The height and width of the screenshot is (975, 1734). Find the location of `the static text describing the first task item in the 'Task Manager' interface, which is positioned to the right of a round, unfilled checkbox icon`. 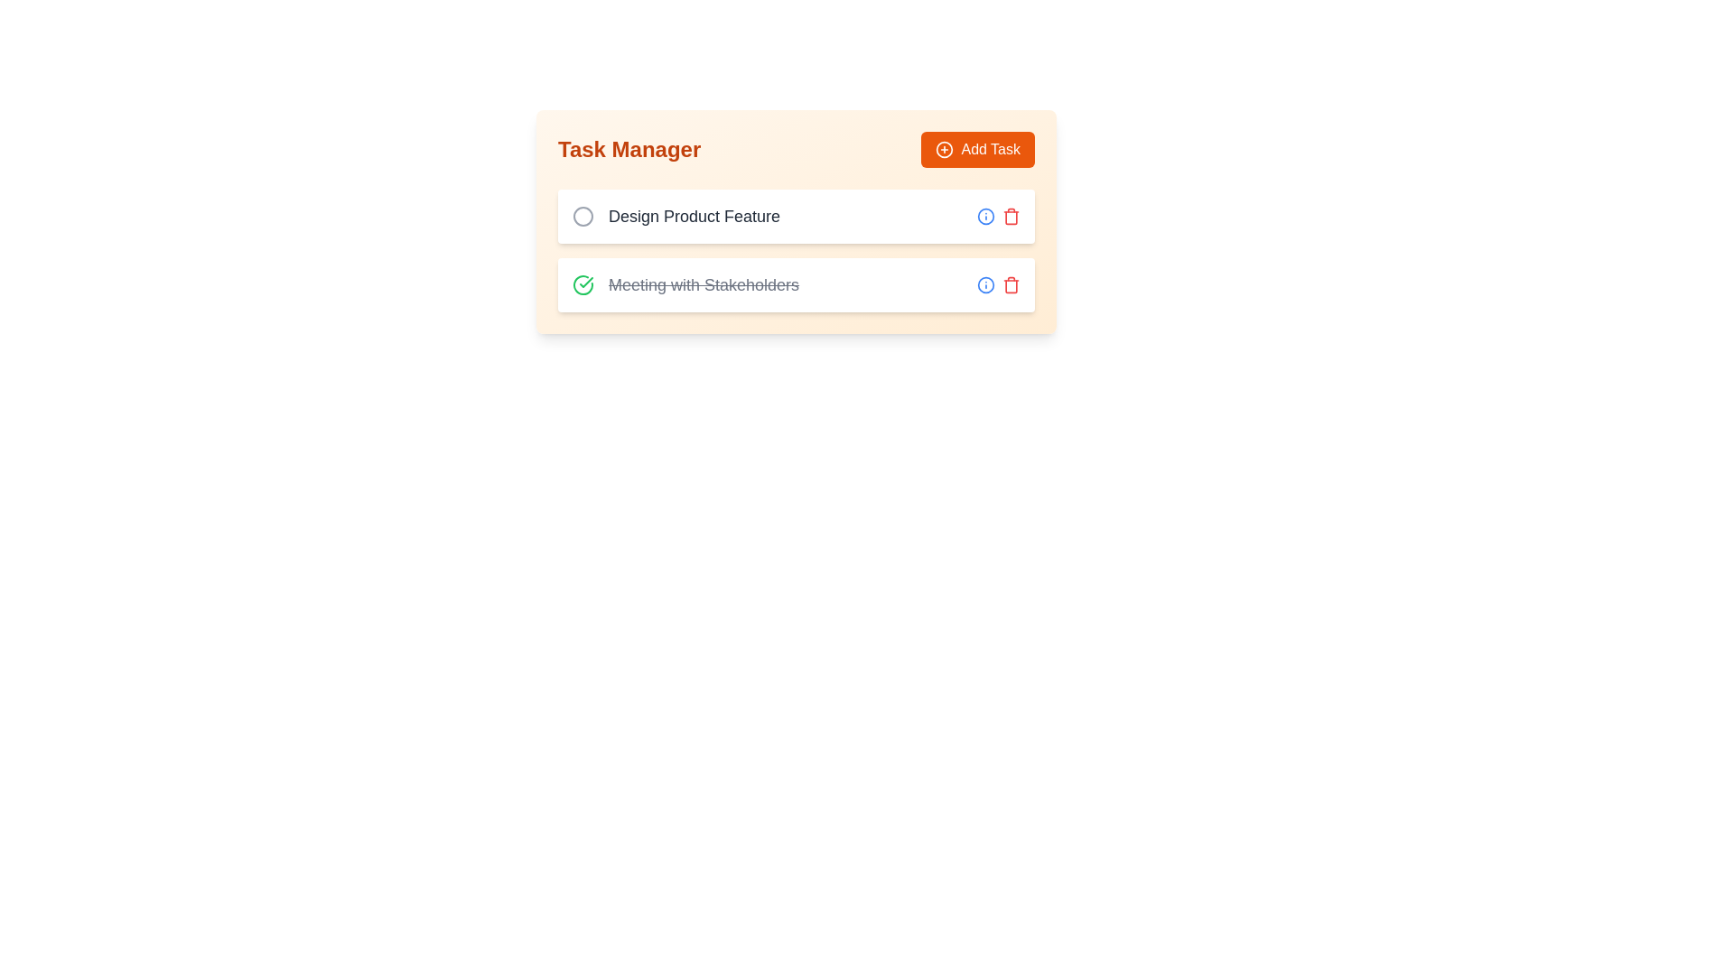

the static text describing the first task item in the 'Task Manager' interface, which is positioned to the right of a round, unfilled checkbox icon is located at coordinates (693, 215).